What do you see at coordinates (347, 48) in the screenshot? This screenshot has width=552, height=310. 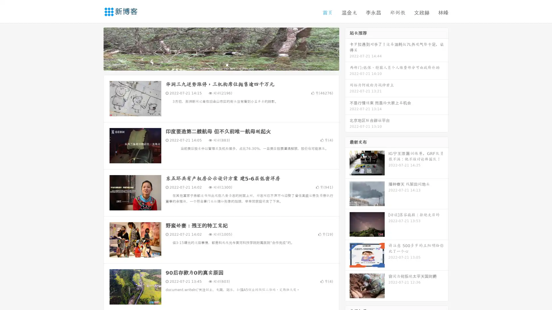 I see `Next slide` at bounding box center [347, 48].